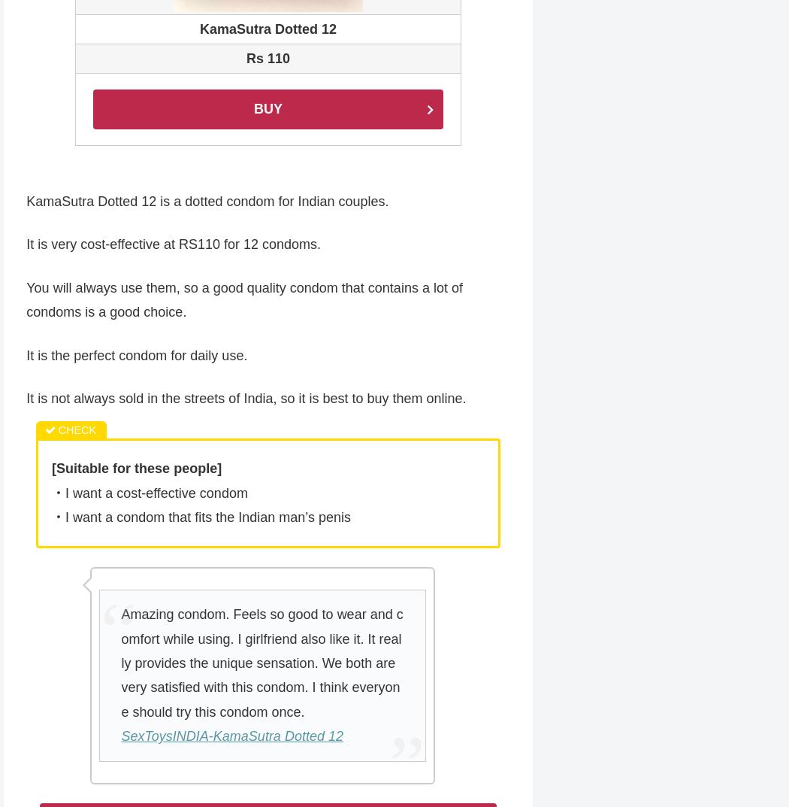 The image size is (789, 807). I want to click on '・I want a cost-effective condom', so click(148, 493).